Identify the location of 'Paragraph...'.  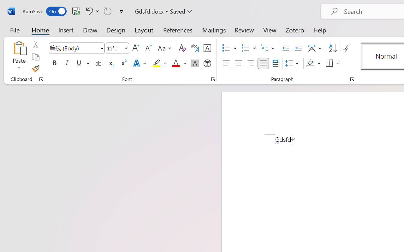
(352, 79).